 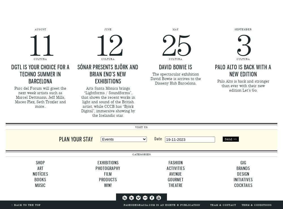 What do you see at coordinates (243, 45) in the screenshot?
I see `'3'` at bounding box center [243, 45].